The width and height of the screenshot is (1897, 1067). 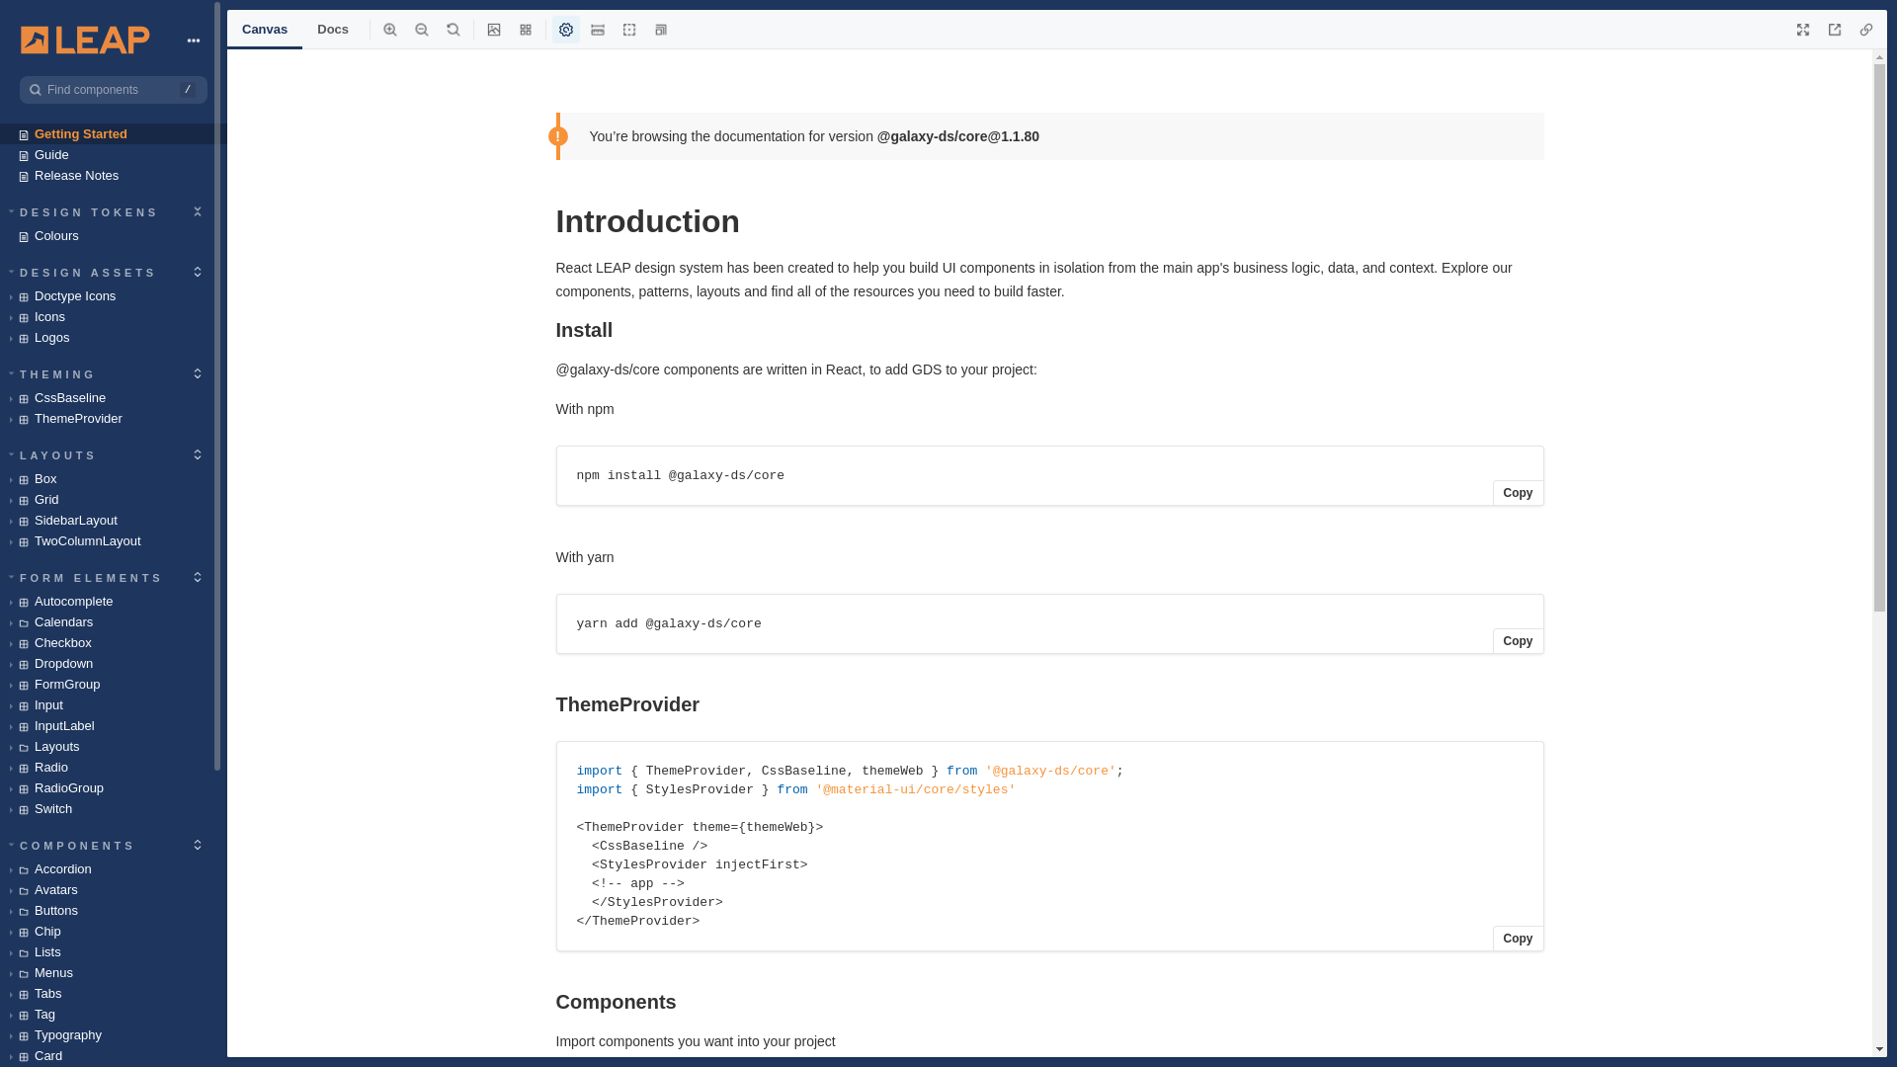 I want to click on 'InputLabel', so click(x=113, y=725).